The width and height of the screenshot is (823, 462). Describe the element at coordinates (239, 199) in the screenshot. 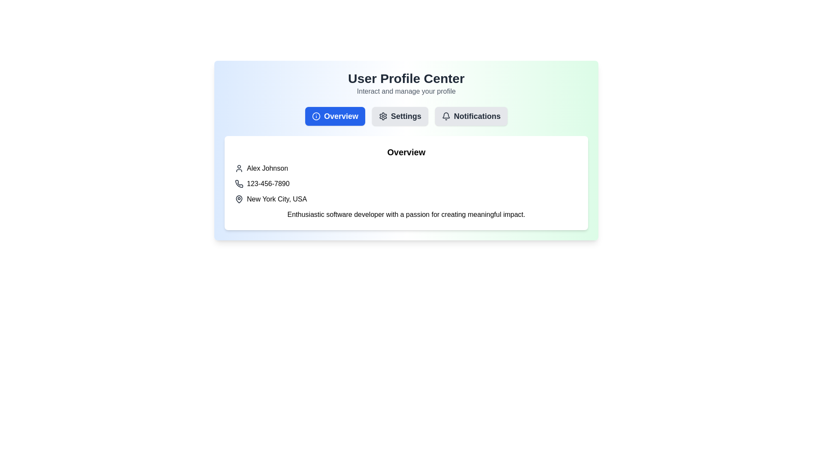

I see `map pin icon styled in dark grey, located to the left of 'New York City, USA', using developer tools` at that location.